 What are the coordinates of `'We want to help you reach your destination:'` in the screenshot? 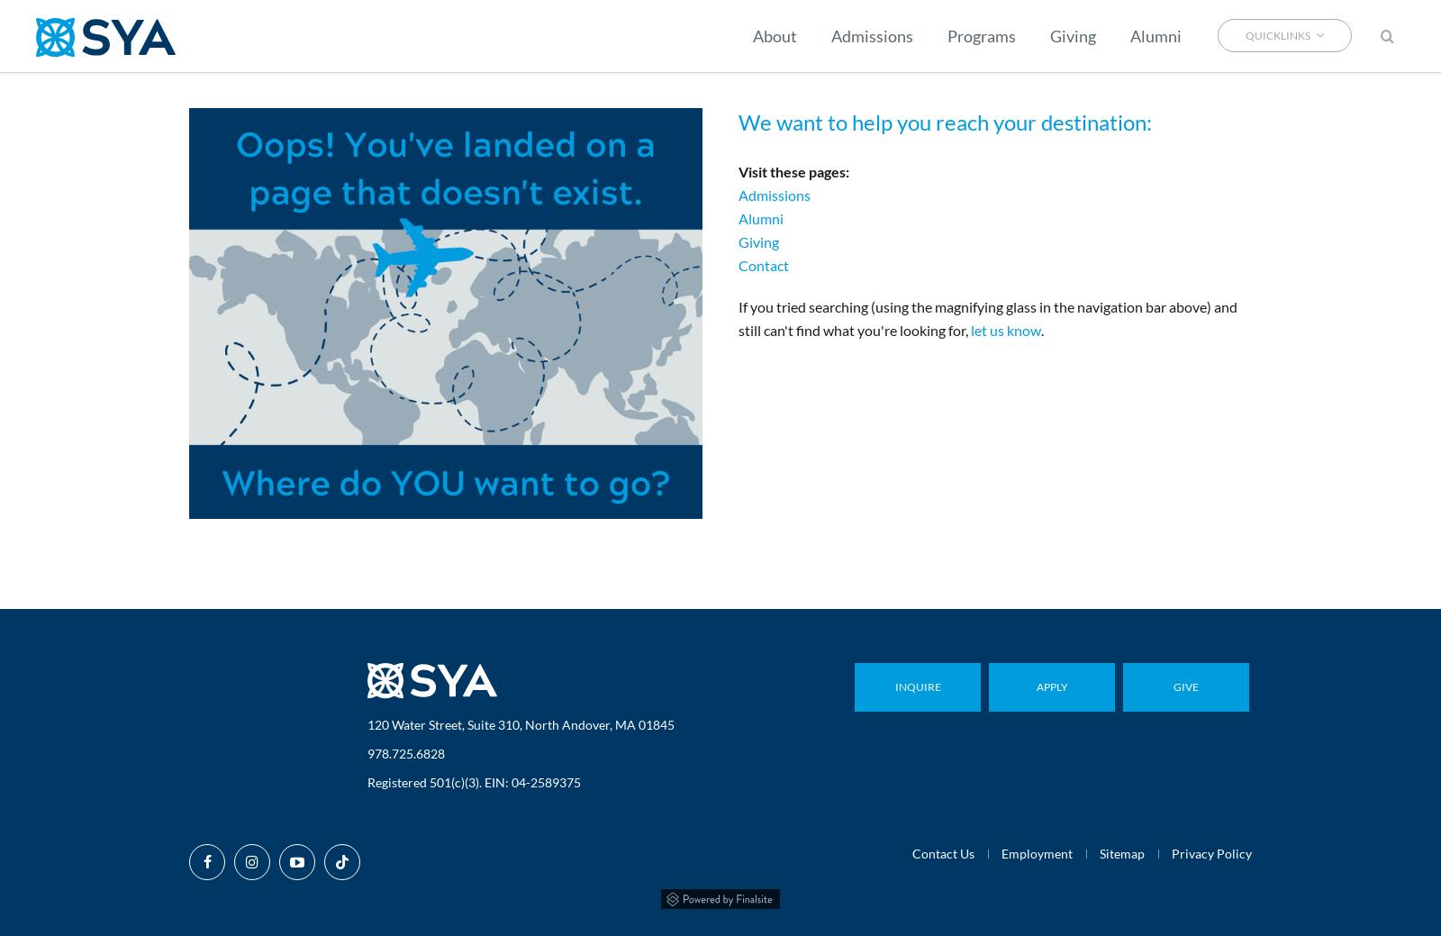 It's located at (945, 121).